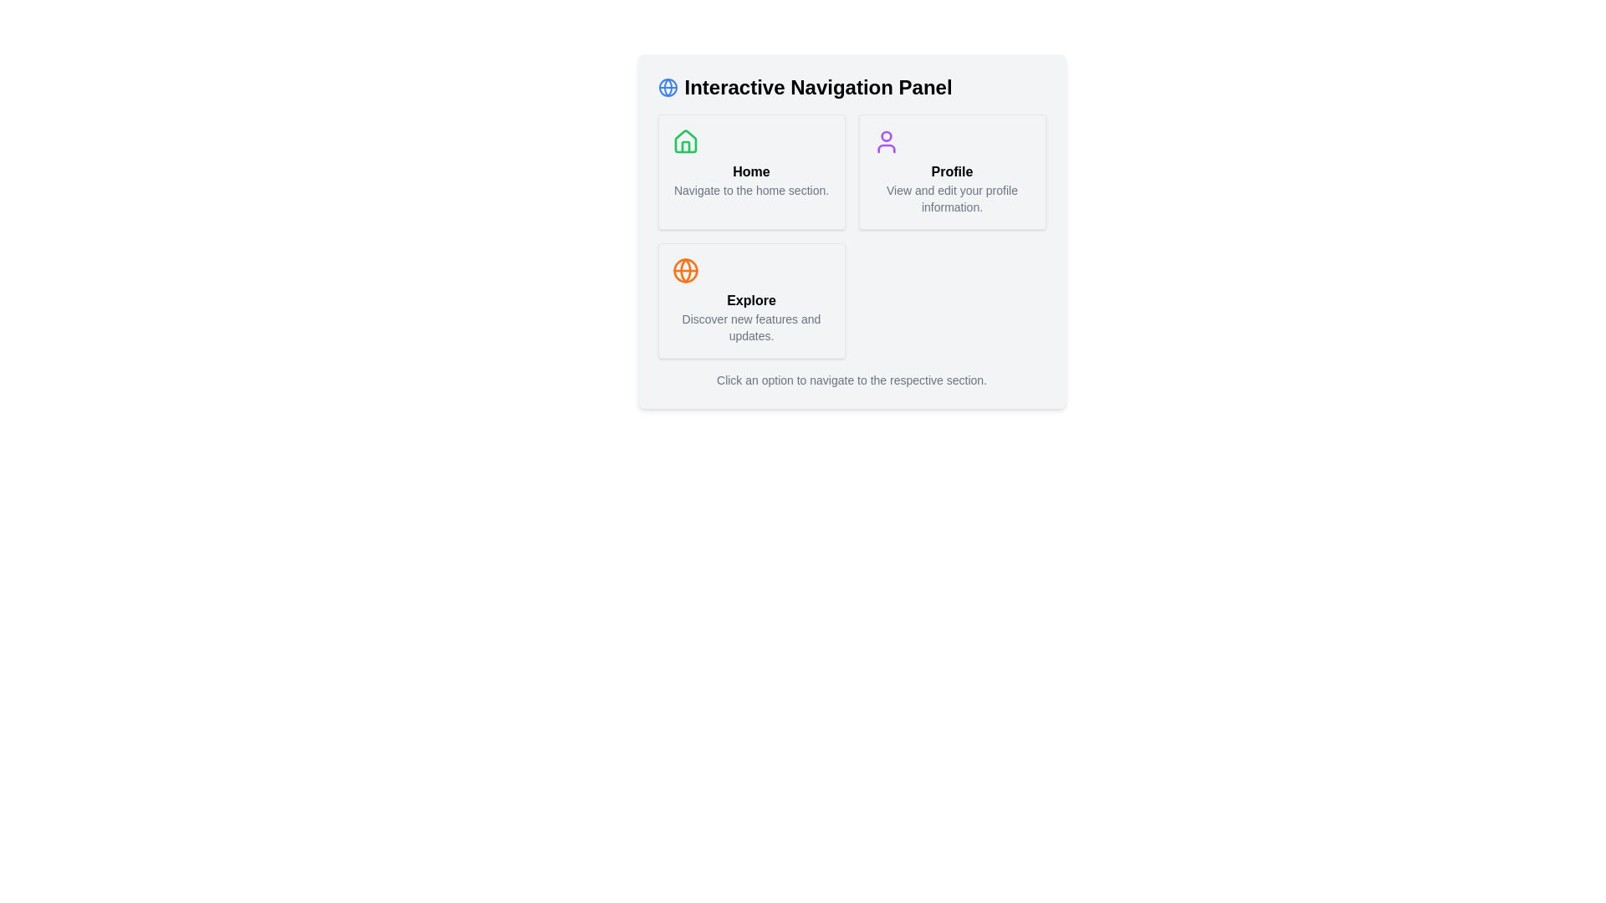  Describe the element at coordinates (750, 299) in the screenshot. I see `the third card in the lower-left corner of the grid layout` at that location.